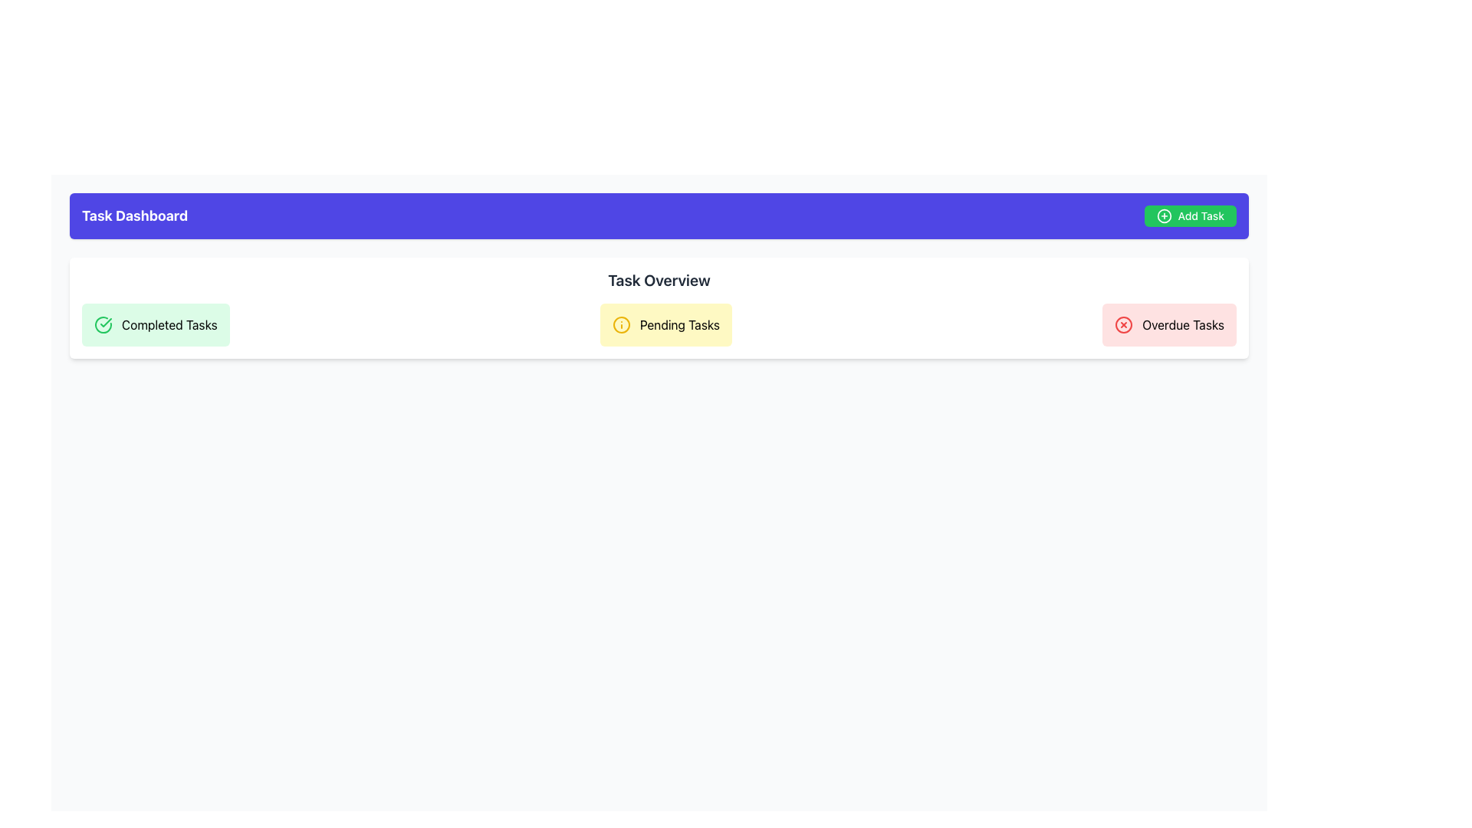 The width and height of the screenshot is (1472, 828). What do you see at coordinates (1164, 215) in the screenshot?
I see `the circle icon with a plus sign located to the left of the 'Add Task' text label in the top-right corner to initiate the addition of a task` at bounding box center [1164, 215].